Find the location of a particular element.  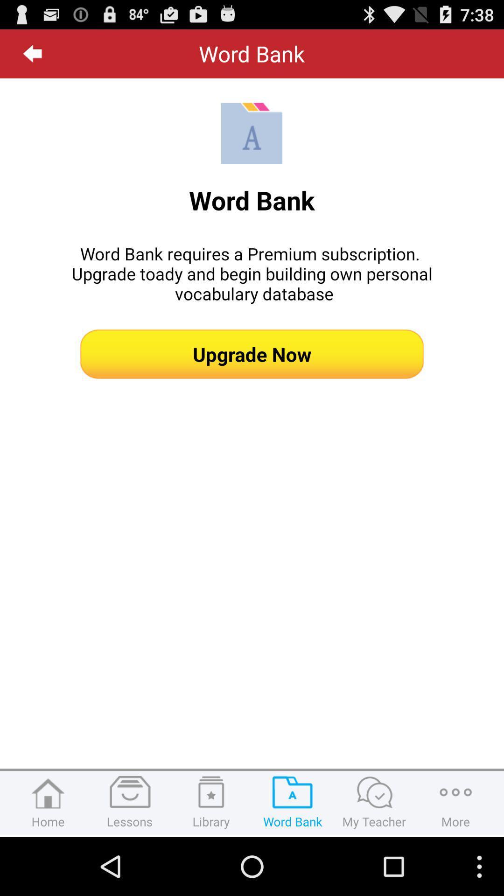

the upgrade now button is located at coordinates (252, 353).